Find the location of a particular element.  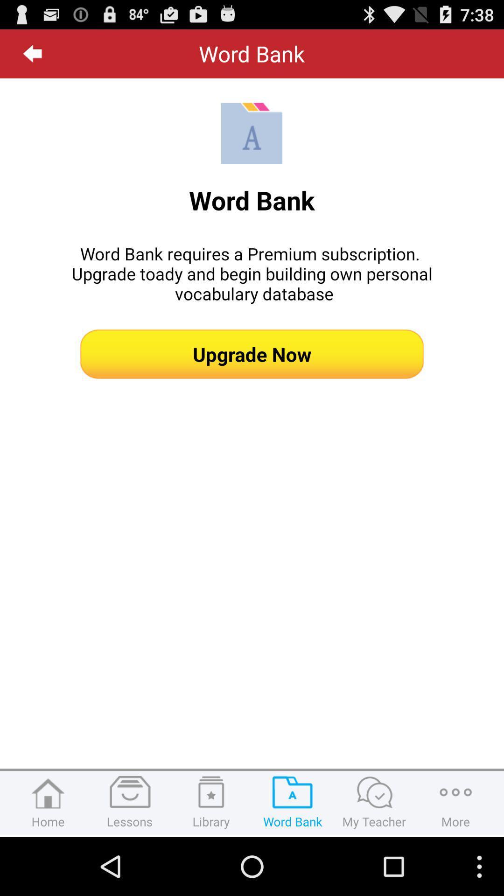

the upgrade now button is located at coordinates (252, 353).